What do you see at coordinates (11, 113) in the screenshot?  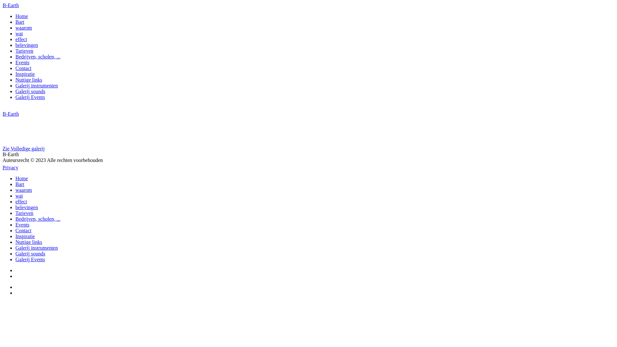 I see `'B-Earth'` at bounding box center [11, 113].